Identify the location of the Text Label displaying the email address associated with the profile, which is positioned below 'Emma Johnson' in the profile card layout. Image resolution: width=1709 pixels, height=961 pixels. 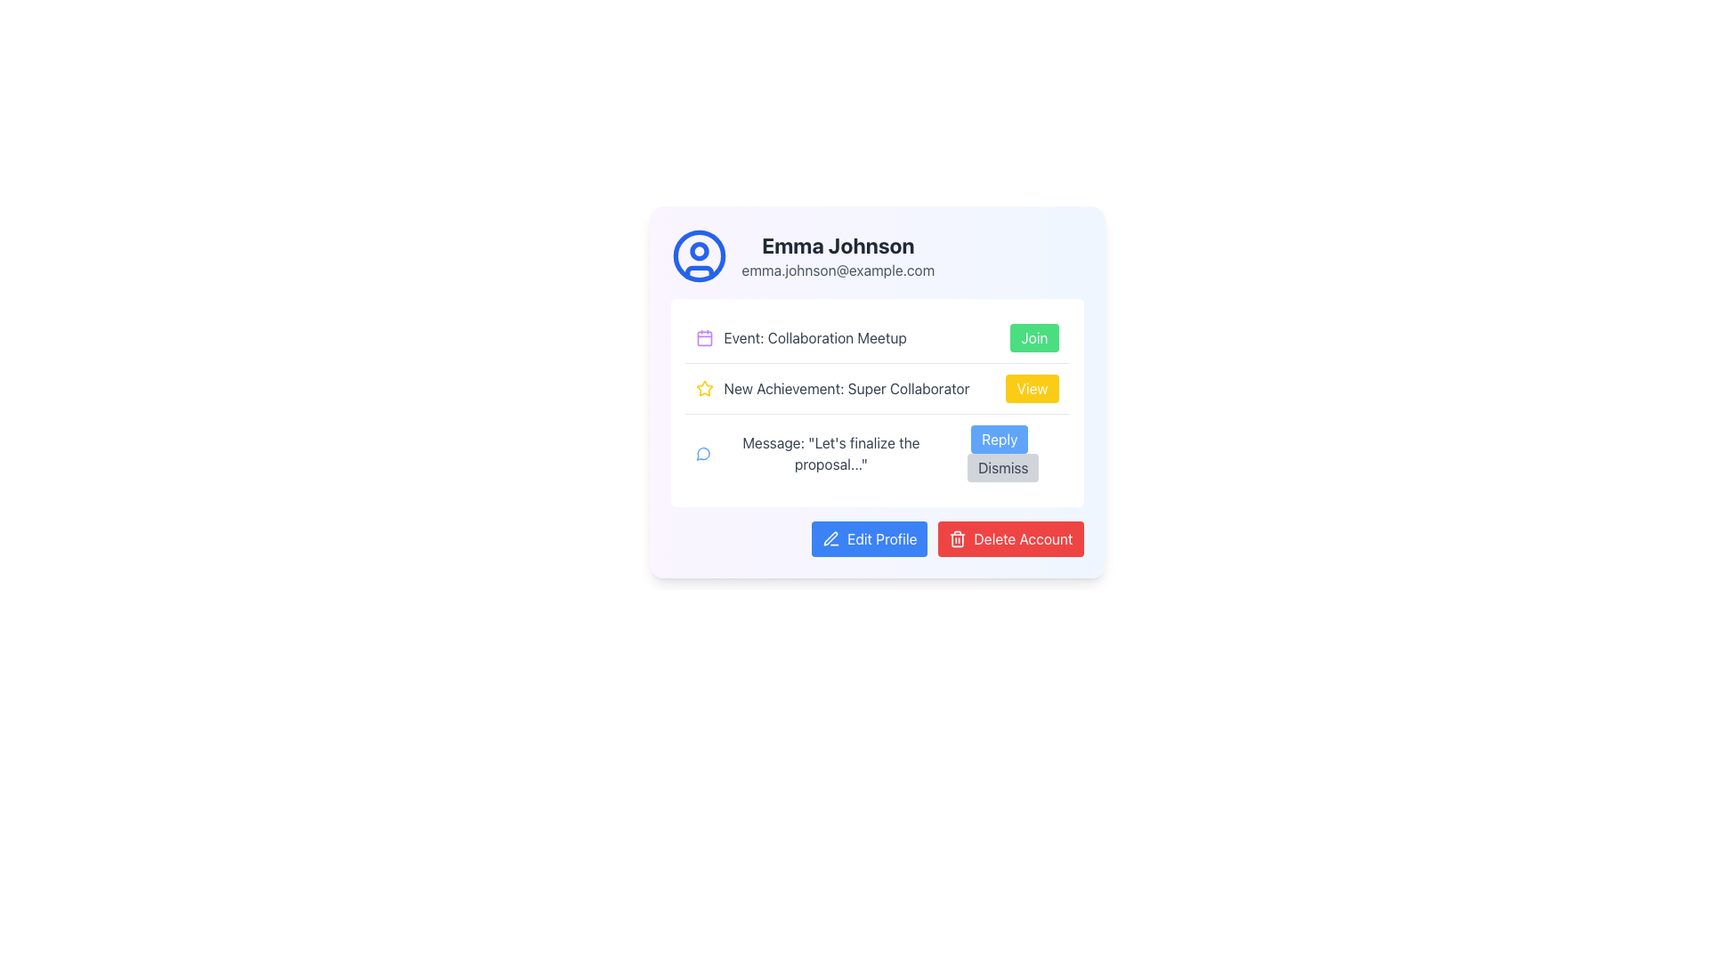
(837, 271).